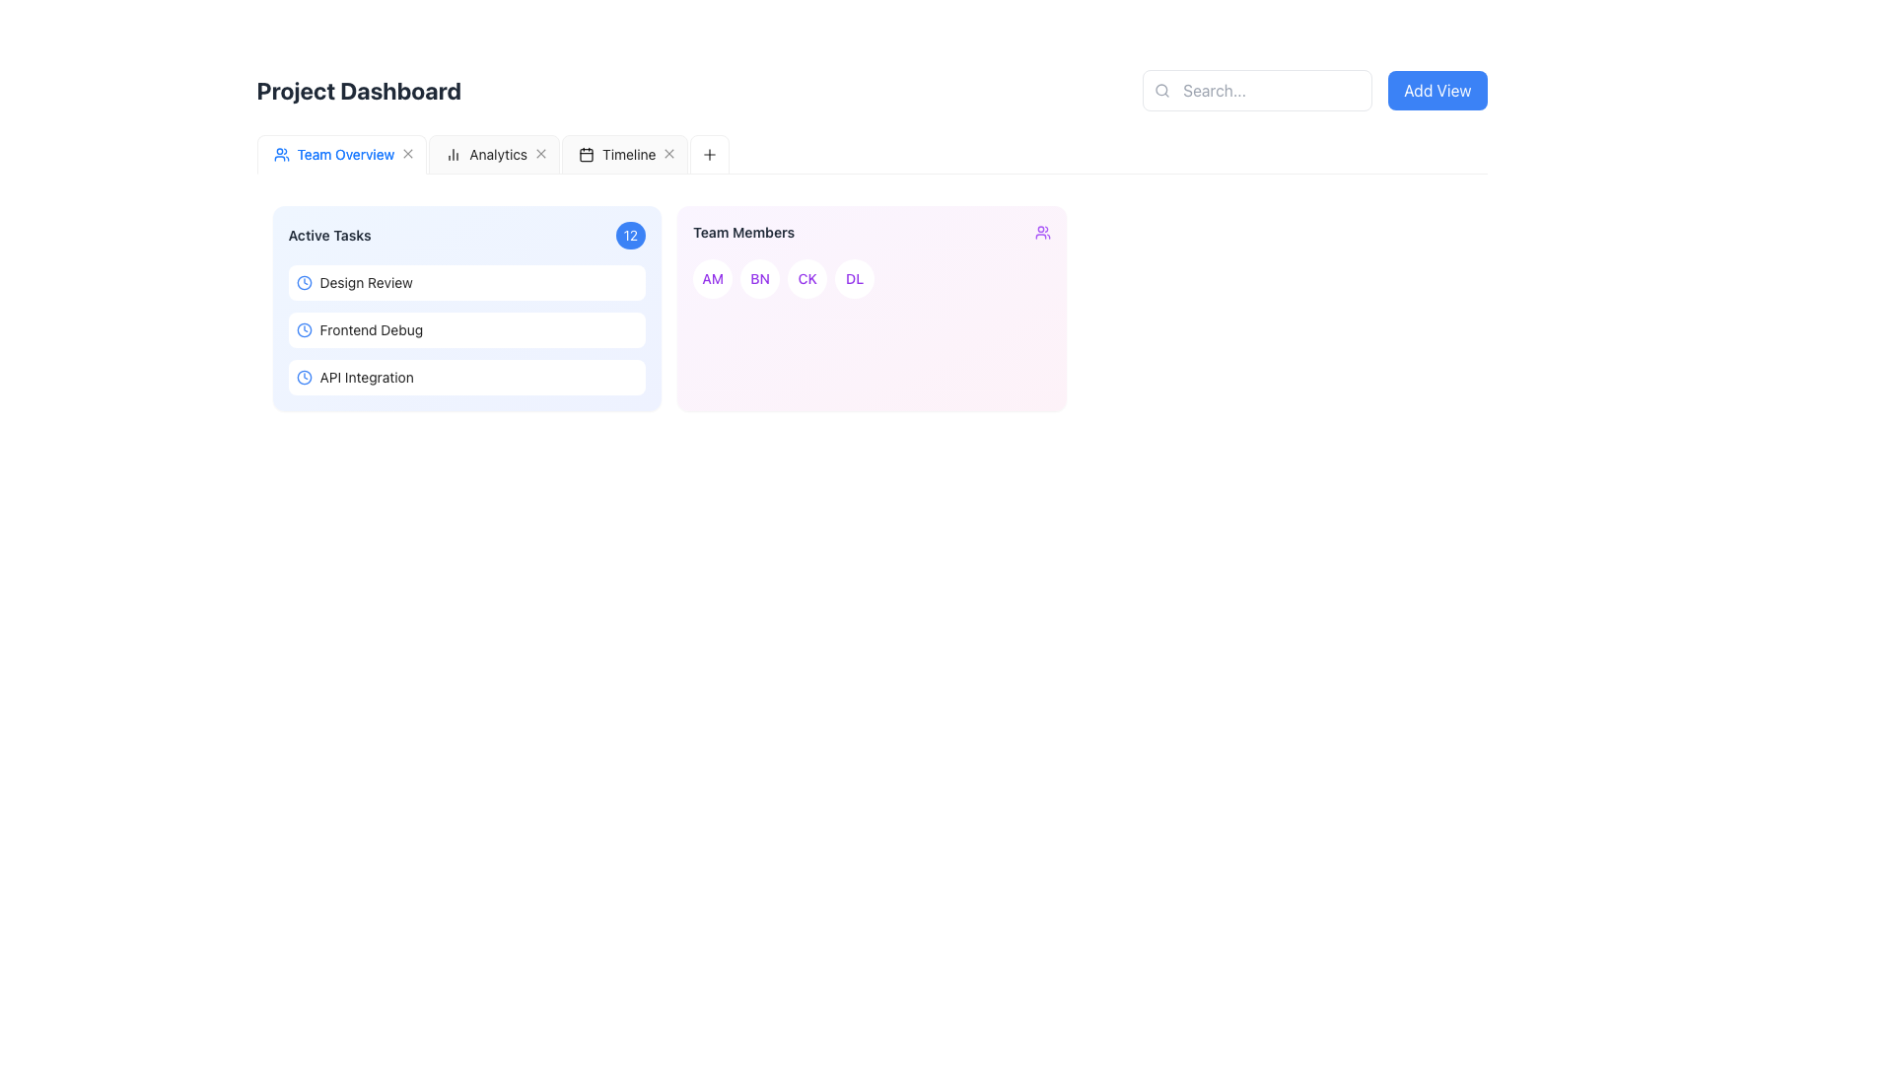 The image size is (1893, 1065). I want to click on the 'Team Overview' tab in the top navigation bar, so click(345, 154).